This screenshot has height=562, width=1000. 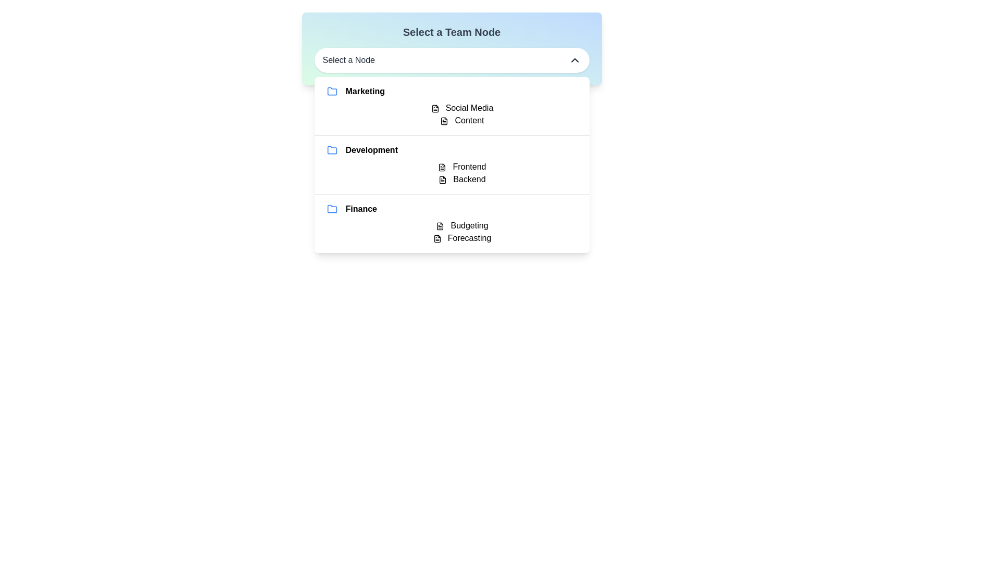 I want to click on the text label that displays the currently selected value in the dropdown menu, so click(x=348, y=60).